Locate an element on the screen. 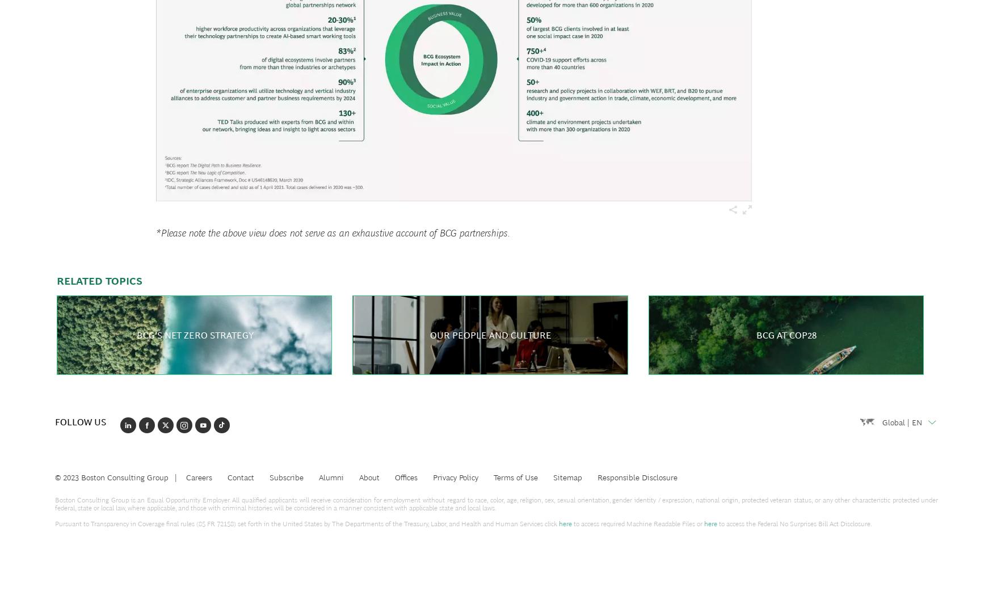 The height and width of the screenshot is (596, 993). 'Related Topics' is located at coordinates (56, 281).